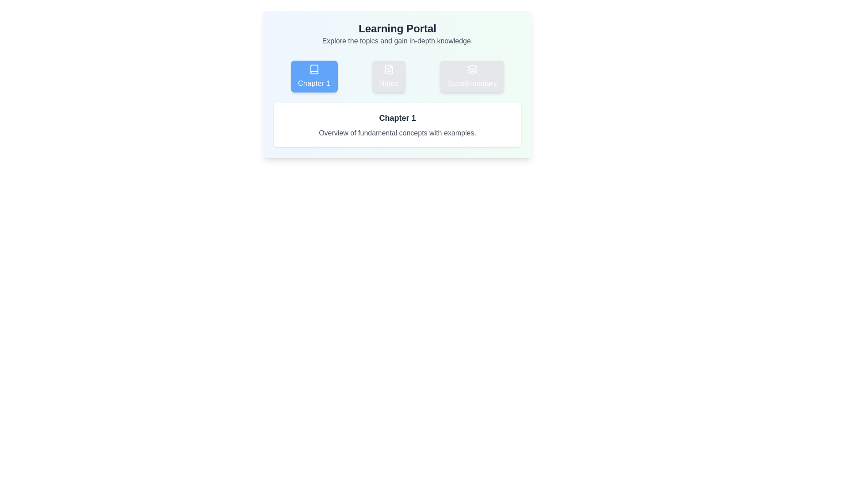 This screenshot has height=478, width=849. I want to click on the text label within the blue button located in the top-left section of the interface, so click(314, 84).